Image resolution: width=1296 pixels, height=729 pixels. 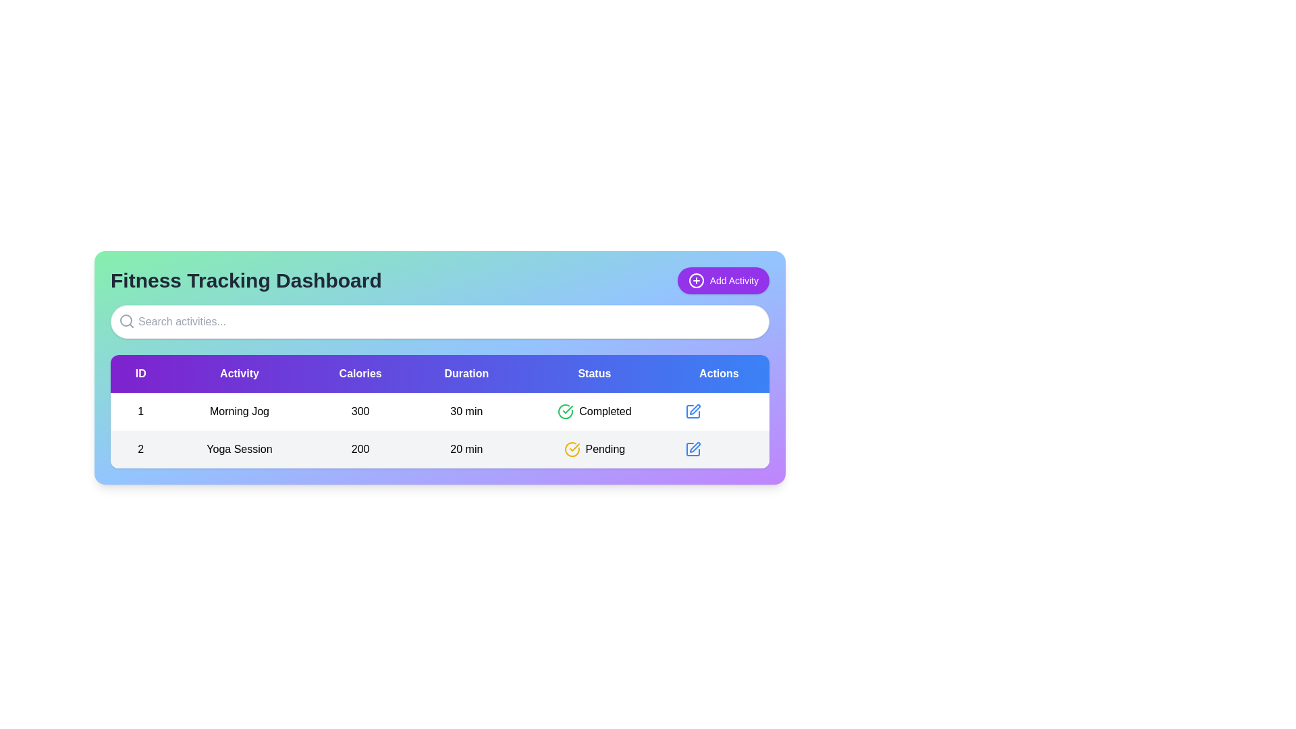 What do you see at coordinates (126, 320) in the screenshot?
I see `the circular icon component within the search icon located at the leftmost side of the search bar` at bounding box center [126, 320].